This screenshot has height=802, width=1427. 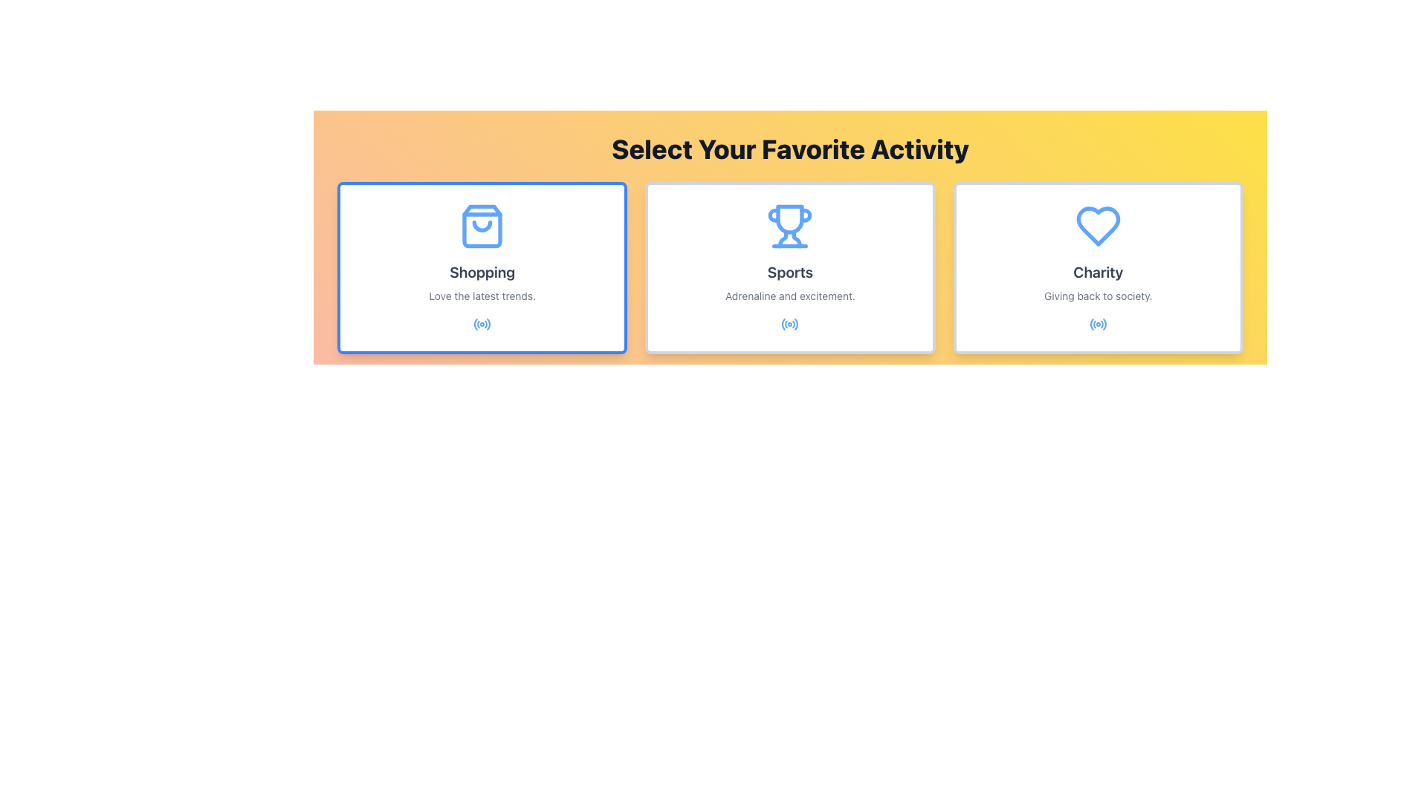 What do you see at coordinates (482, 296) in the screenshot?
I see `the text line displaying 'Love the latest trends.' located beneath the headline 'Shopping' within the 'Shopping' card` at bounding box center [482, 296].